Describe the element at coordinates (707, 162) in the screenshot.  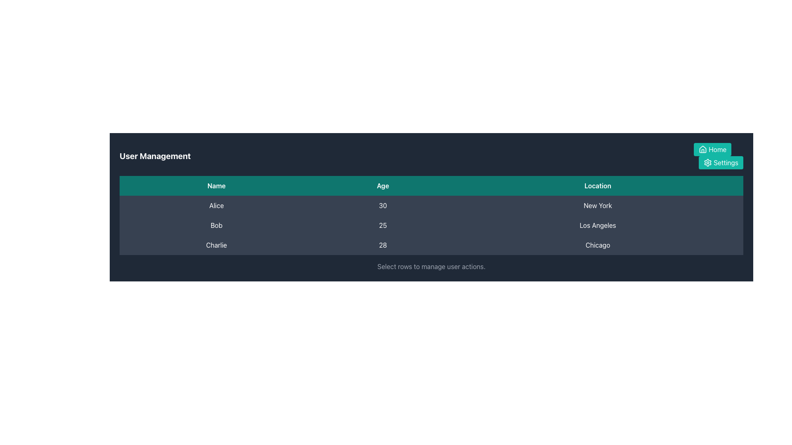
I see `the decorative SVG graphic forming part of the settings icon` at that location.